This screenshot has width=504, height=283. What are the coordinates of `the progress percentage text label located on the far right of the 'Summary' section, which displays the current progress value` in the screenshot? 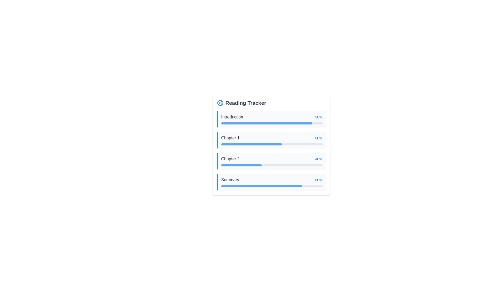 It's located at (318, 179).